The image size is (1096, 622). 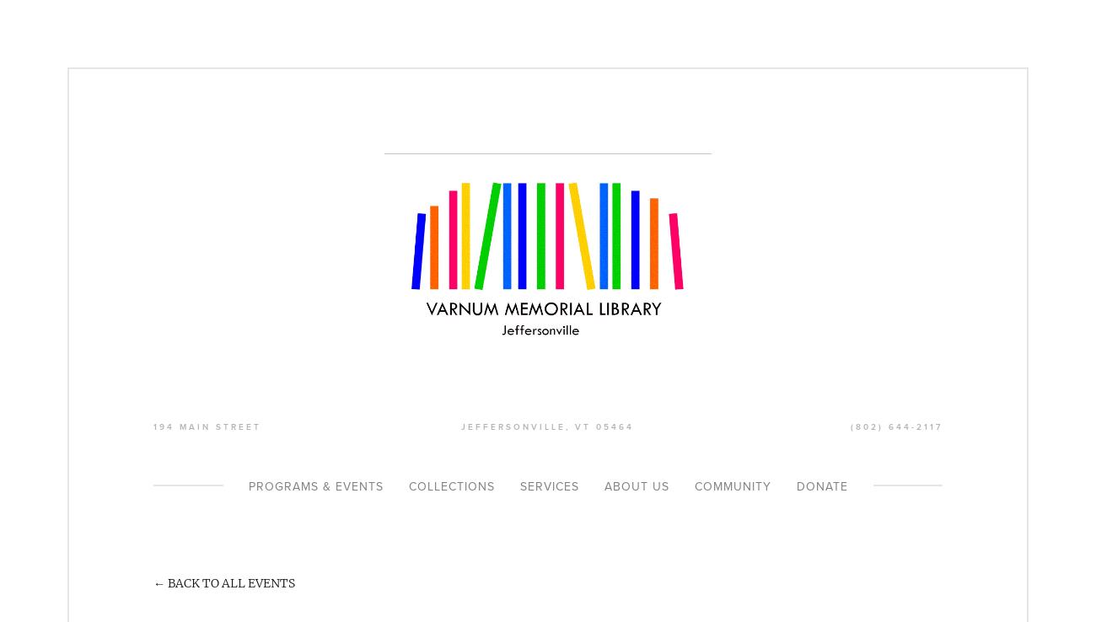 I want to click on 'Programs & Events', so click(x=314, y=486).